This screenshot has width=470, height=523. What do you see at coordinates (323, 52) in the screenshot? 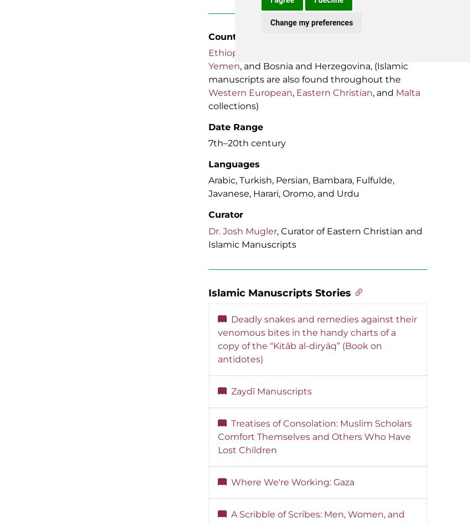
I see `'Jerusalem'` at bounding box center [323, 52].